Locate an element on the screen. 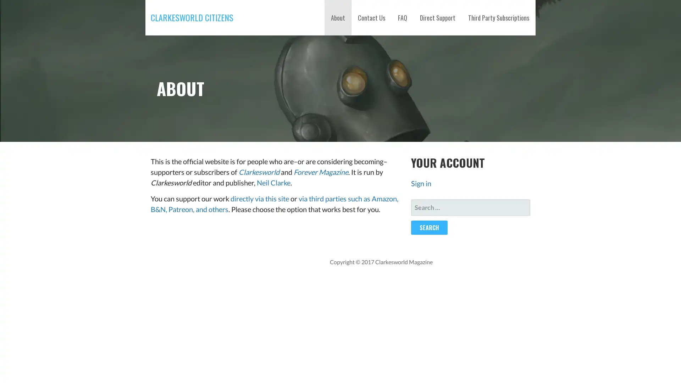 The width and height of the screenshot is (681, 383). Search is located at coordinates (428, 227).